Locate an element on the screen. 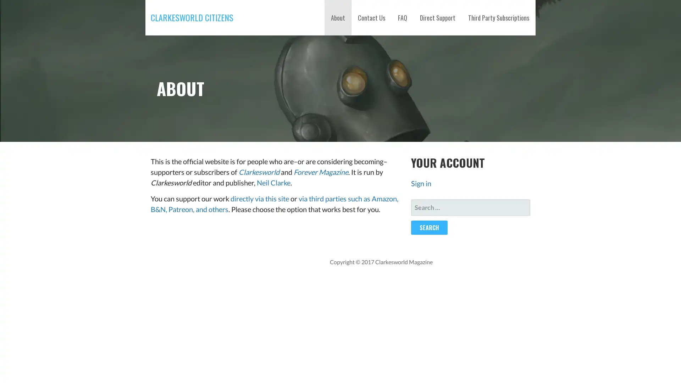 The width and height of the screenshot is (681, 383). Search is located at coordinates (428, 227).